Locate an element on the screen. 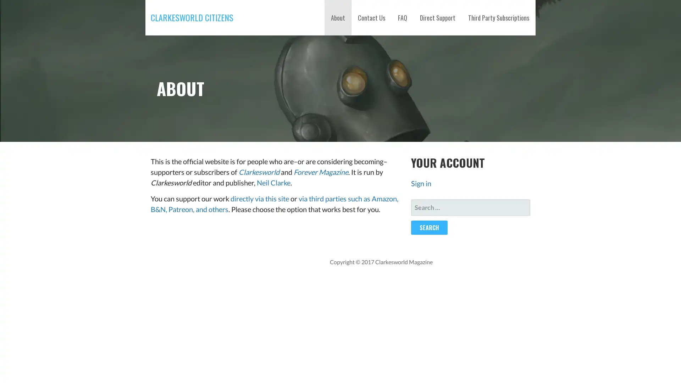 The width and height of the screenshot is (681, 383). Search is located at coordinates (428, 227).